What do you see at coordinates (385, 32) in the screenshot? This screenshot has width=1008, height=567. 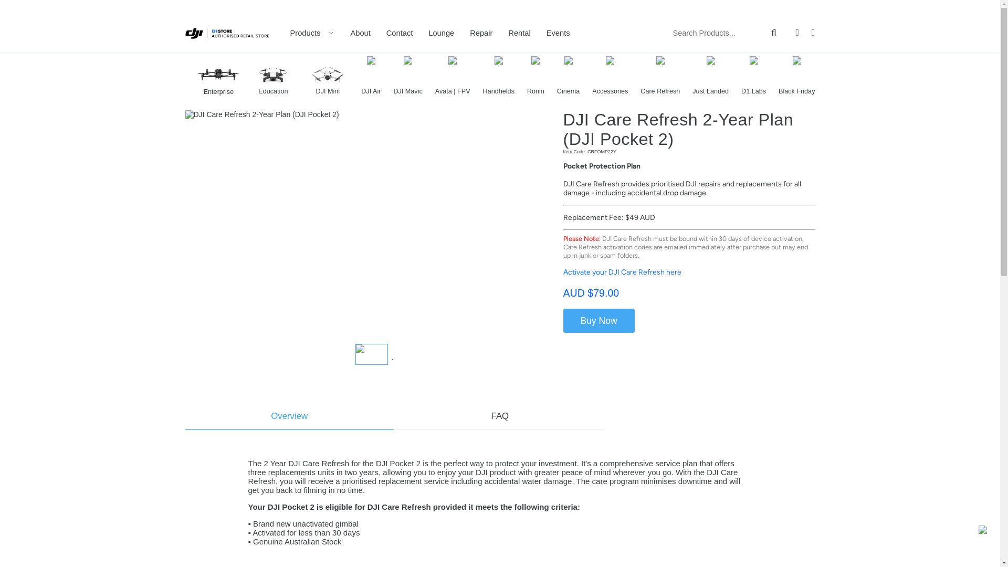 I see `'Contact'` at bounding box center [385, 32].